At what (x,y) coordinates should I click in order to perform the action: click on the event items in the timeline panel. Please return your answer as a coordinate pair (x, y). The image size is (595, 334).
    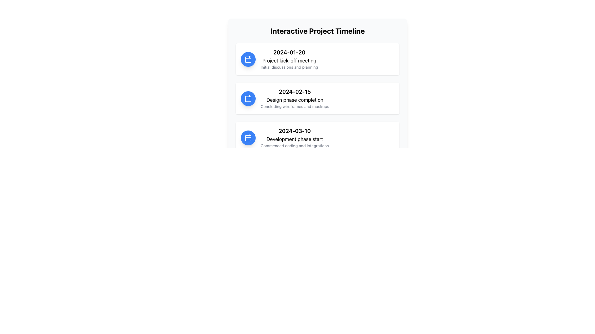
    Looking at the image, I should click on (318, 99).